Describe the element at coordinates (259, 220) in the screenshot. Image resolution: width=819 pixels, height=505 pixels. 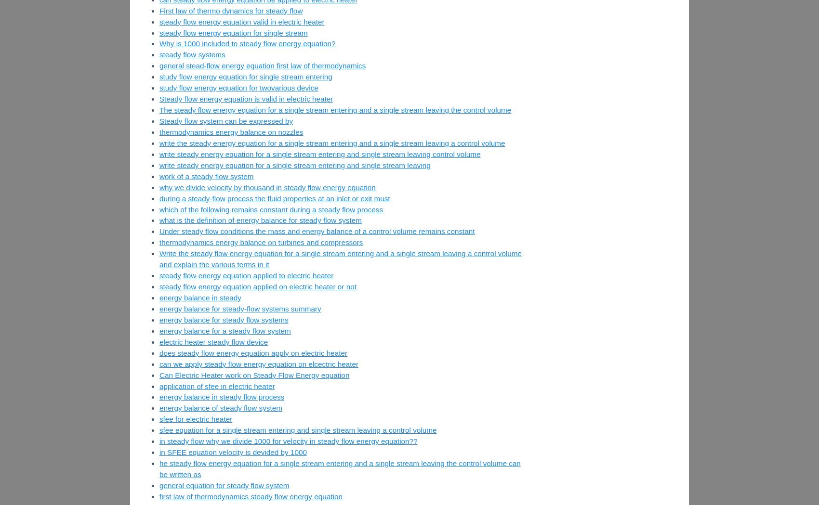
I see `'what is the definition of energy balance for steady flow system'` at that location.